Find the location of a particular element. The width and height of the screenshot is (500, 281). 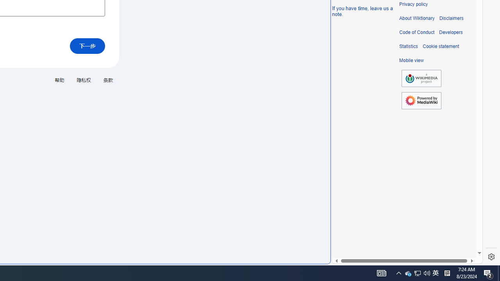

'Code of Conduct' is located at coordinates (416, 32).